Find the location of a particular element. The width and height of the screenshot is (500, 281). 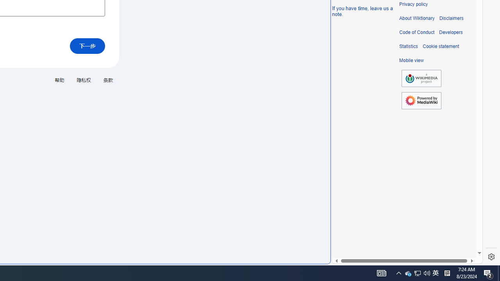

'Code of Conduct' is located at coordinates (416, 32).